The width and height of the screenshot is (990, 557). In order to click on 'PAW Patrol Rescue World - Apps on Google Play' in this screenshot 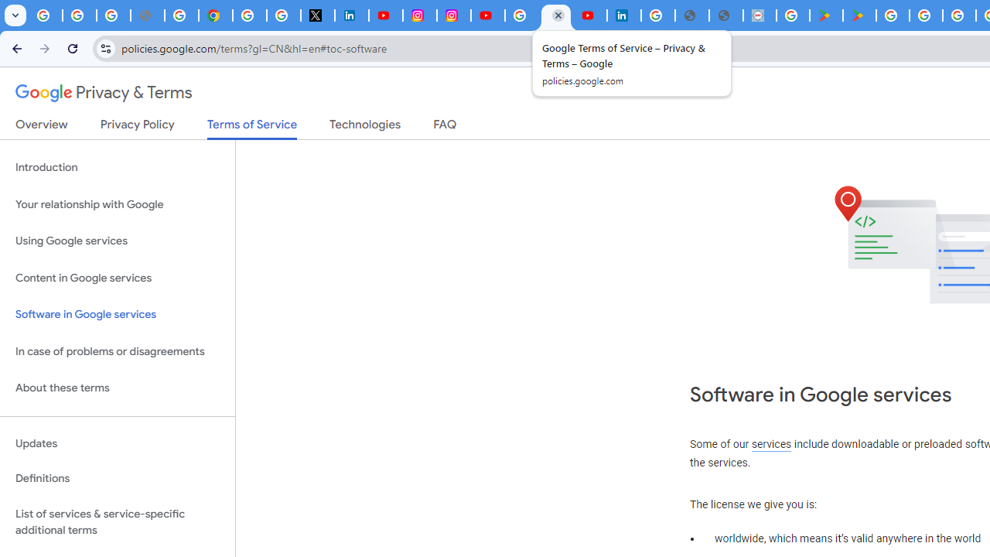, I will do `click(859, 15)`.